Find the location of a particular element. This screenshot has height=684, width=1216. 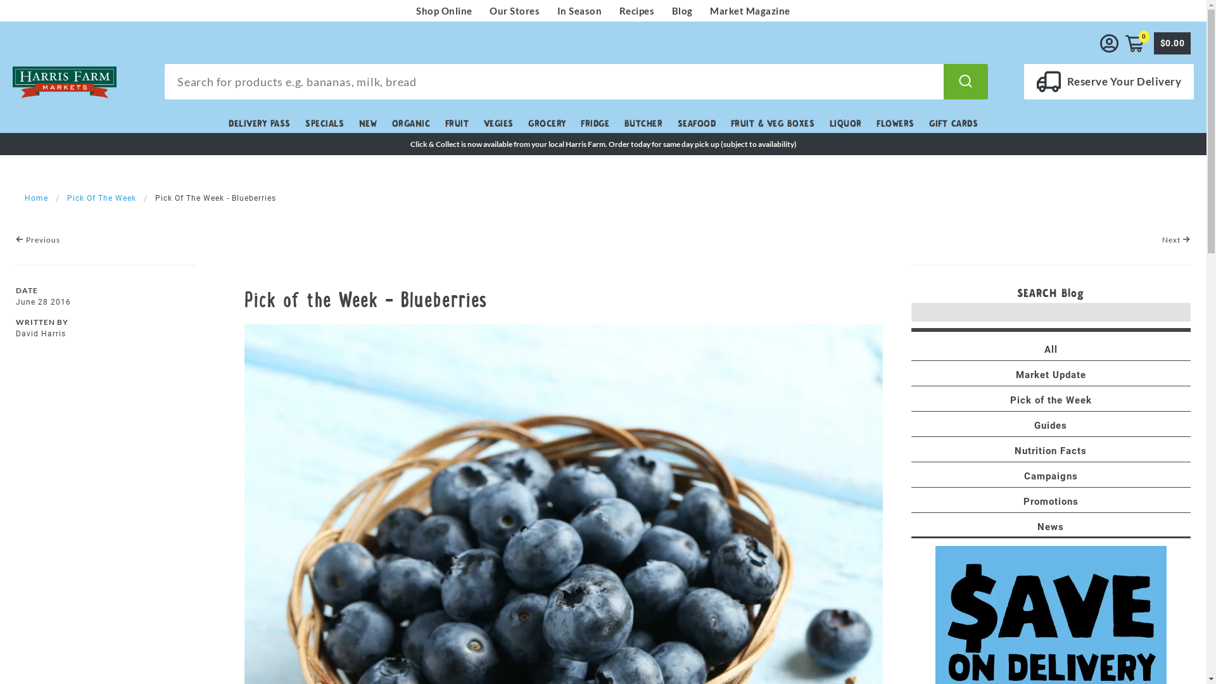

'News' is located at coordinates (1051, 527).